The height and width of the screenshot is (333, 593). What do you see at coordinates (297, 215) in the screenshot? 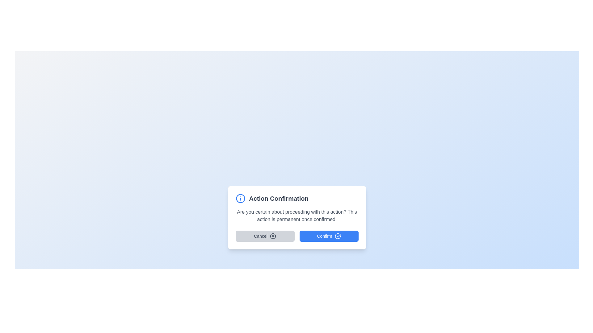
I see `confirmation message text label located below the 'Action Confirmation' heading and above the 'Cancel' and 'Confirm' buttons in the confirmation dialog box` at bounding box center [297, 215].